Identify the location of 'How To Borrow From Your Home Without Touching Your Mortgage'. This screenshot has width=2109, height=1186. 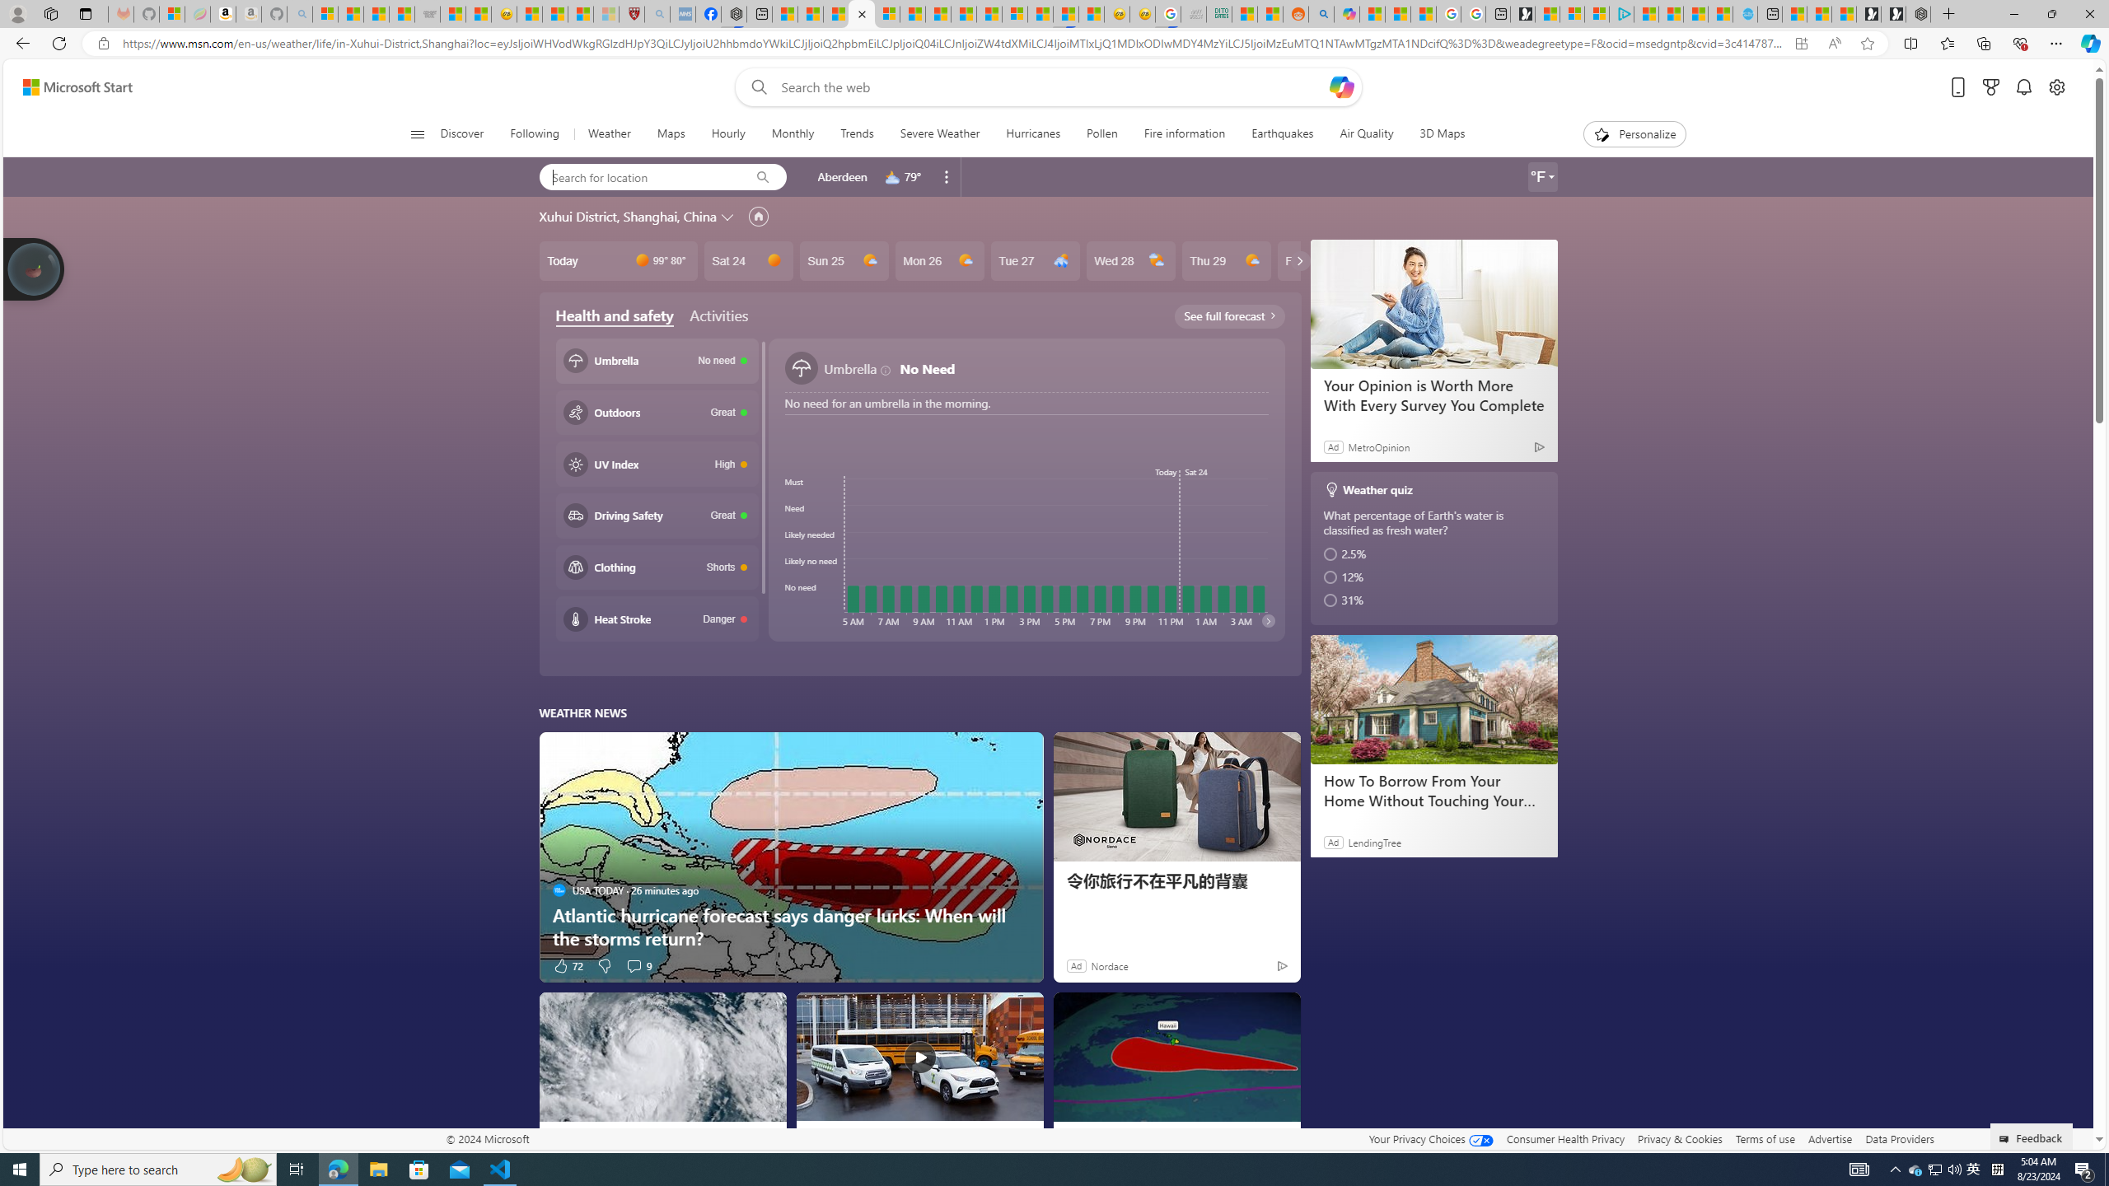
(1433, 698).